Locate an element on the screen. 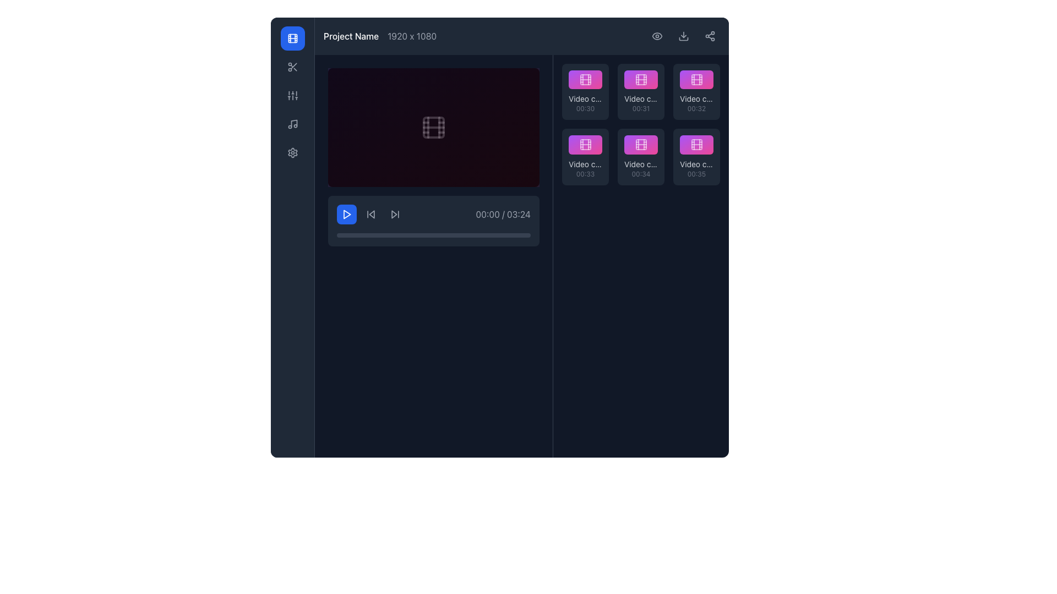 The height and width of the screenshot is (594, 1057). the share icon button located at the top-right corner of the dark toolbar to initiate the sharing functionality is located at coordinates (710, 35).